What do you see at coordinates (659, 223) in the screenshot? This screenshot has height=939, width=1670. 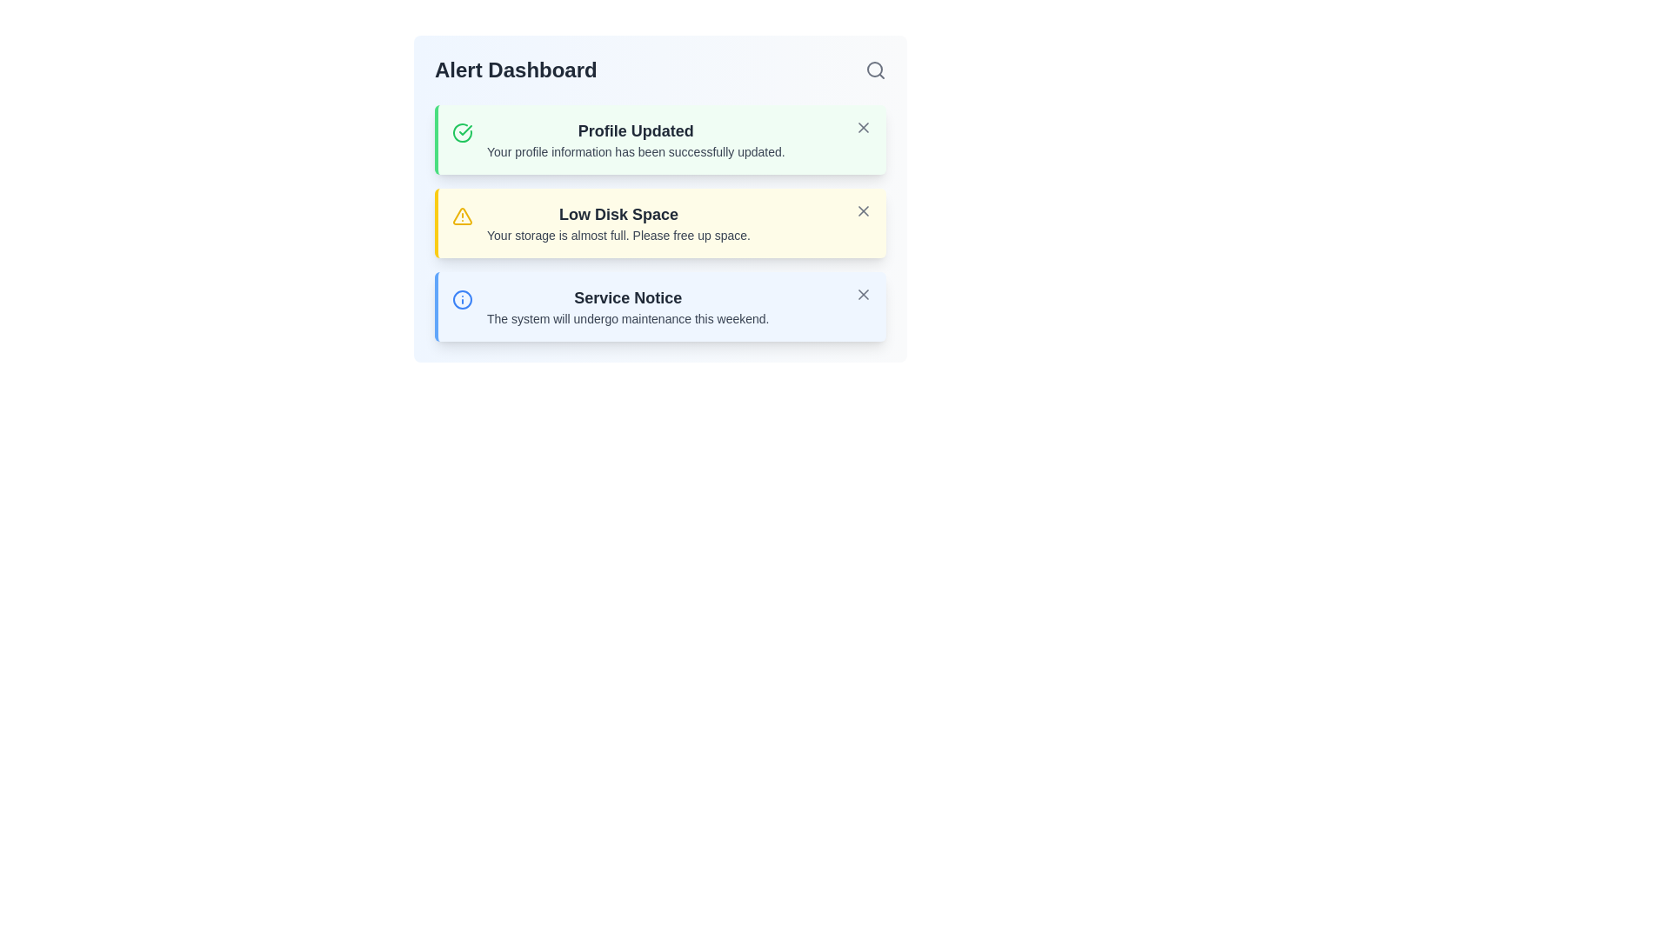 I see `the 'Low Disk Space' notification alert, which has a light yellow background and contains a warning icon and a close button marked with an 'X'` at bounding box center [659, 223].